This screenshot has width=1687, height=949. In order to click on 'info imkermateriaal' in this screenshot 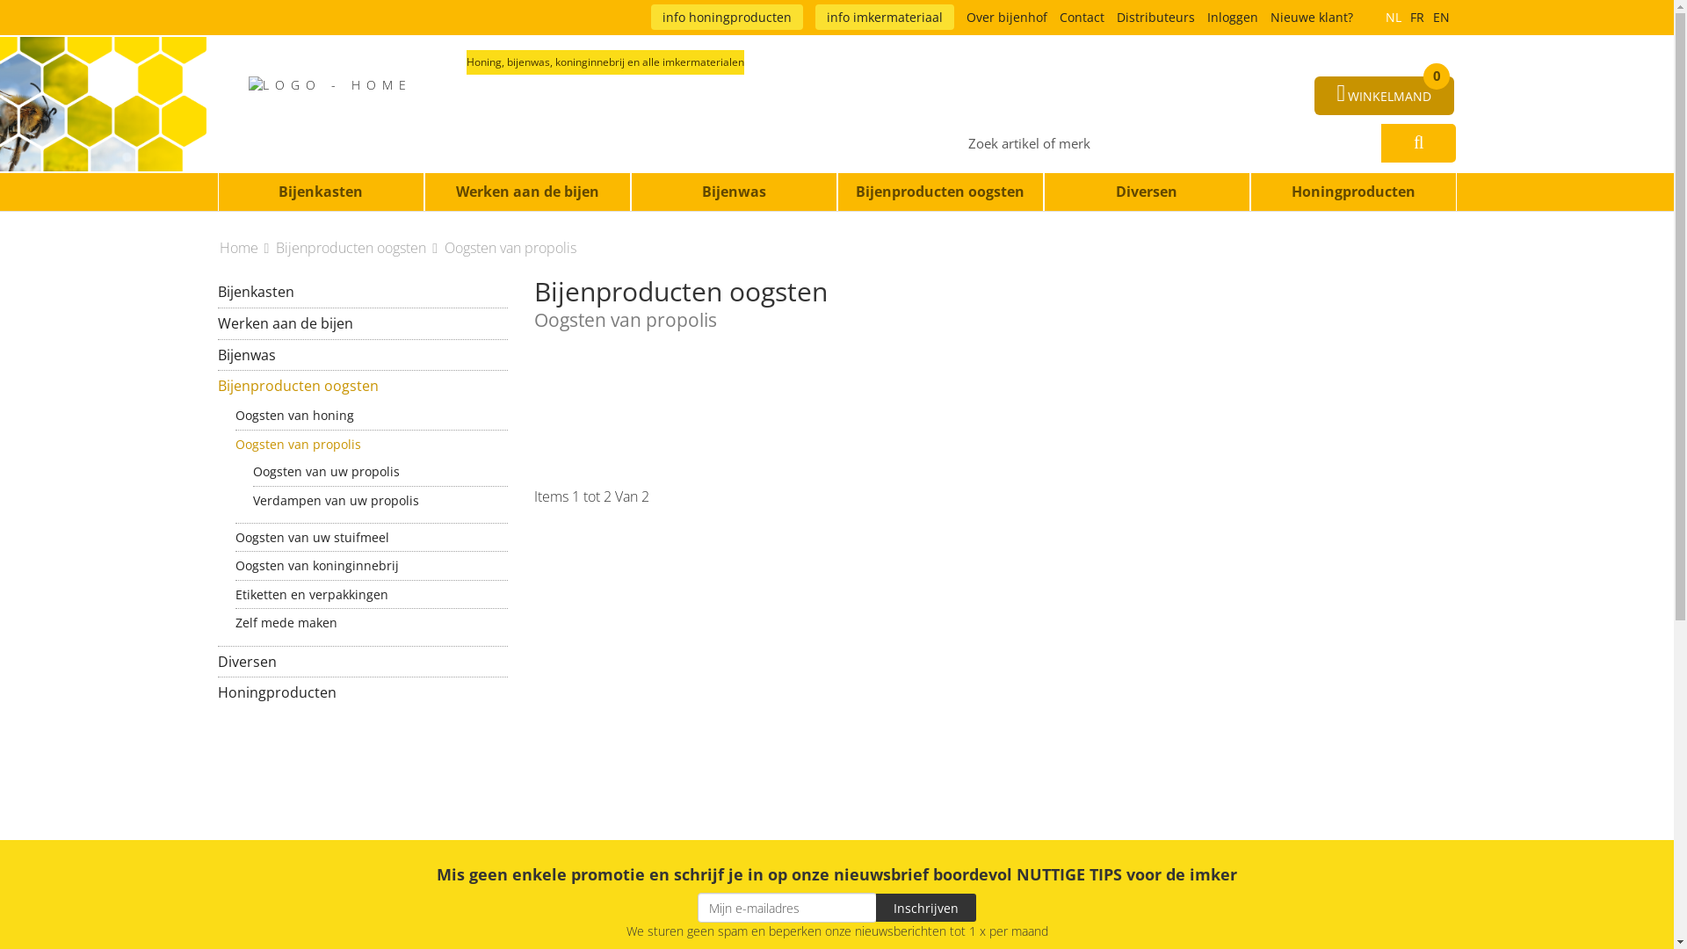, I will do `click(885, 17)`.